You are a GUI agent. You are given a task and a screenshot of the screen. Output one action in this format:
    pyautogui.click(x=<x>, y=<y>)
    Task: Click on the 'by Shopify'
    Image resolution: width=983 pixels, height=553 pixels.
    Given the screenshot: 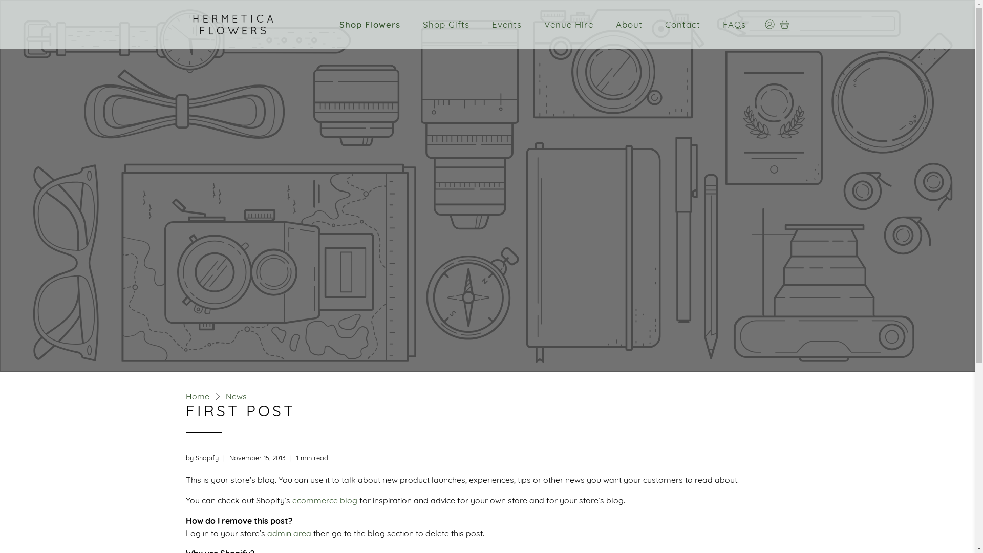 What is the action you would take?
    pyautogui.click(x=185, y=457)
    